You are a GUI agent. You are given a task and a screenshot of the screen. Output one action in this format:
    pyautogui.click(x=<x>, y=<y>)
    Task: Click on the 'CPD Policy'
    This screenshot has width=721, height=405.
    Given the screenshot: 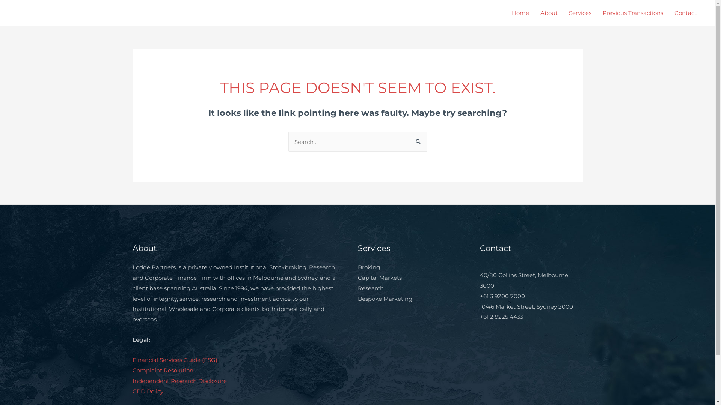 What is the action you would take?
    pyautogui.click(x=148, y=391)
    